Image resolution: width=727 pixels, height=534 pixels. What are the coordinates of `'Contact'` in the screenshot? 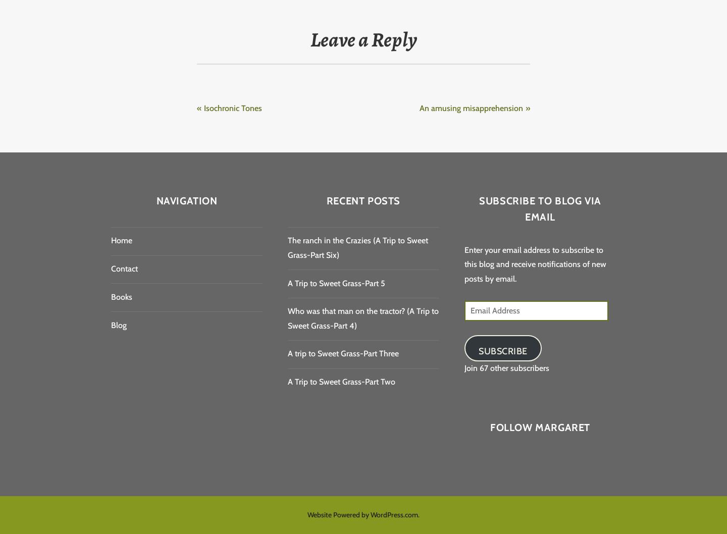 It's located at (124, 269).